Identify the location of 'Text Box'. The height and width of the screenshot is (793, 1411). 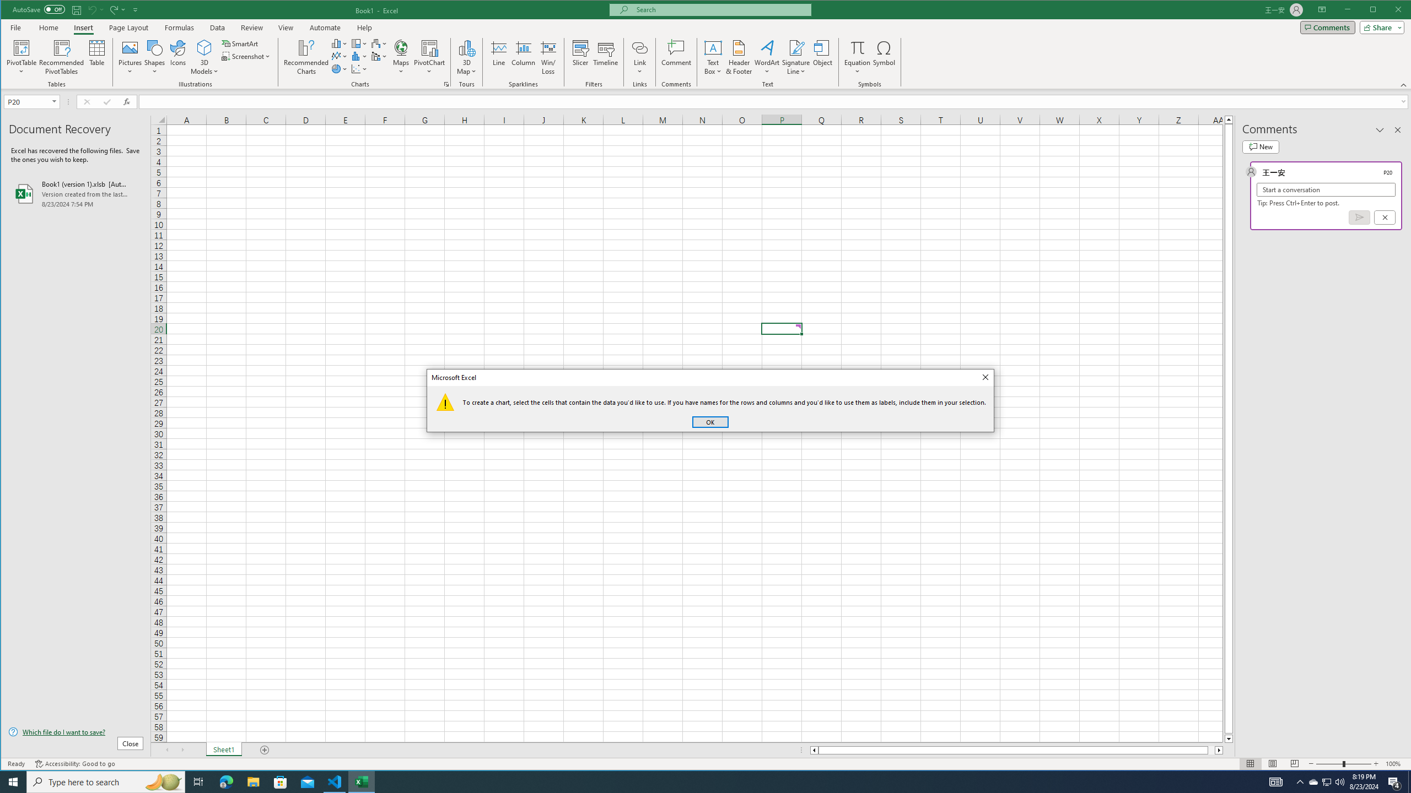
(713, 57).